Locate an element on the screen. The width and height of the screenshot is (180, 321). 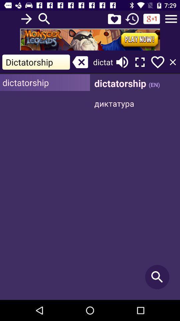
full screen is located at coordinates (140, 62).